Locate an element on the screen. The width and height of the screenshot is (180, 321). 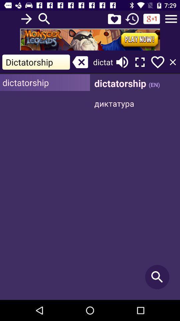
full screen is located at coordinates (140, 62).